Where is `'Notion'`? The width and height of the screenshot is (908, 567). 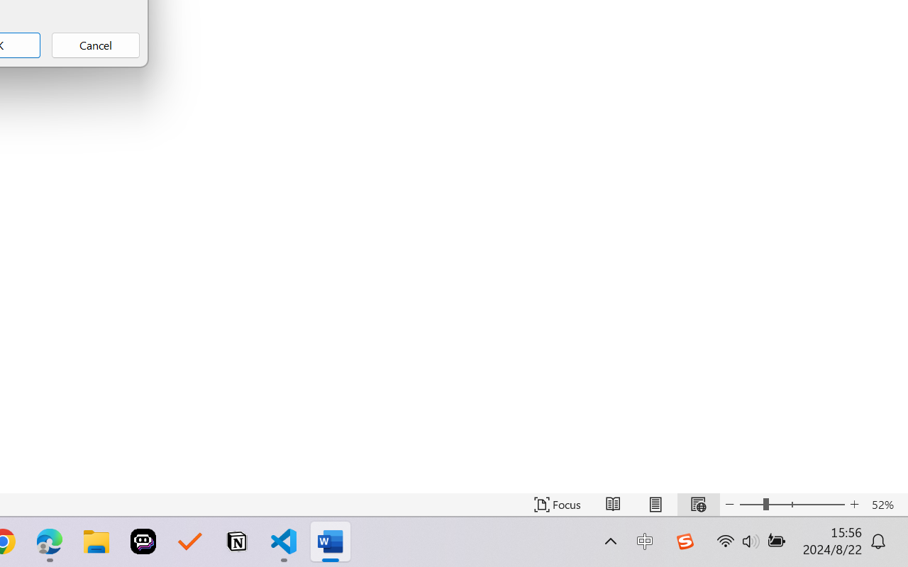
'Notion' is located at coordinates (237, 541).